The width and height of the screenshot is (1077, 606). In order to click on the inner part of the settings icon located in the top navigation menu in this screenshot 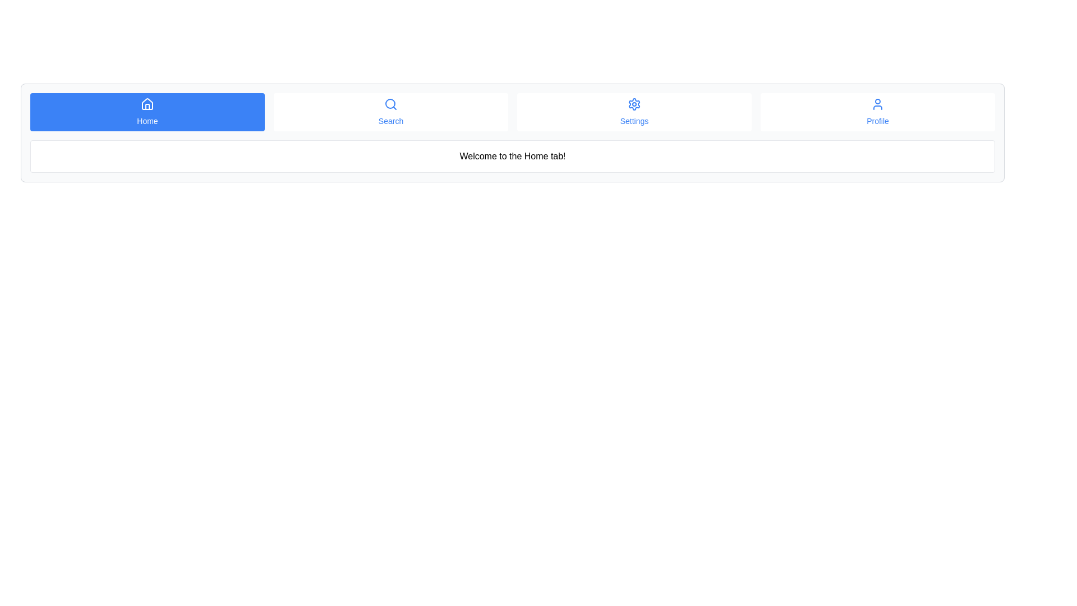, I will do `click(634, 104)`.